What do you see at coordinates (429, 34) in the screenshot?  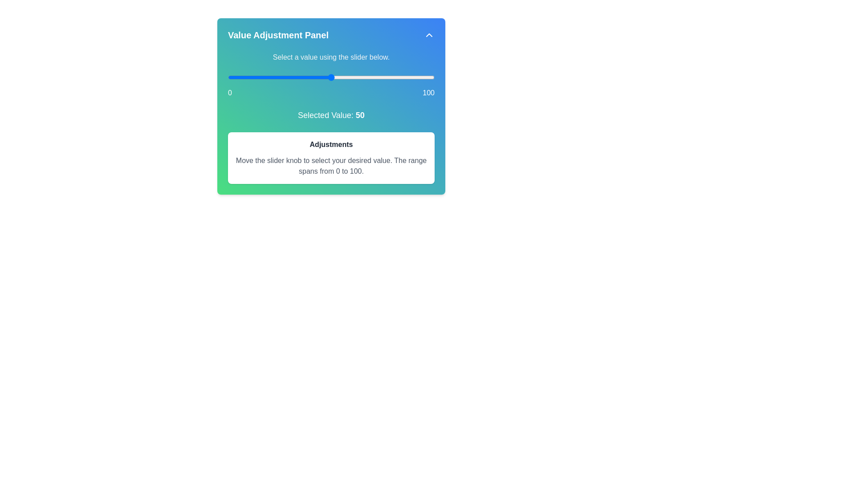 I see `the upward chevron arrow button located at the top-right corner of the 'Value Adjustment Panel'` at bounding box center [429, 34].